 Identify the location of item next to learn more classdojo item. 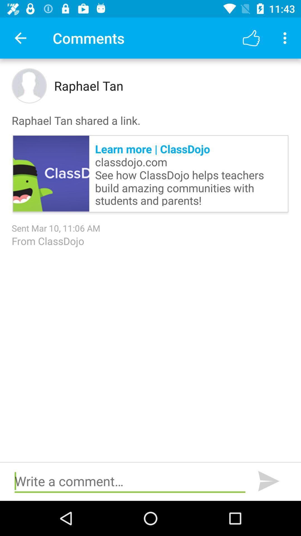
(51, 173).